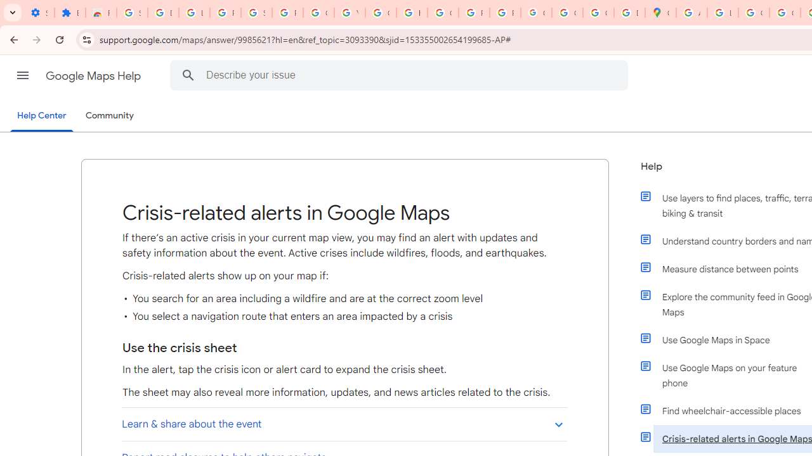  What do you see at coordinates (188, 75) in the screenshot?
I see `'Search Help Center'` at bounding box center [188, 75].